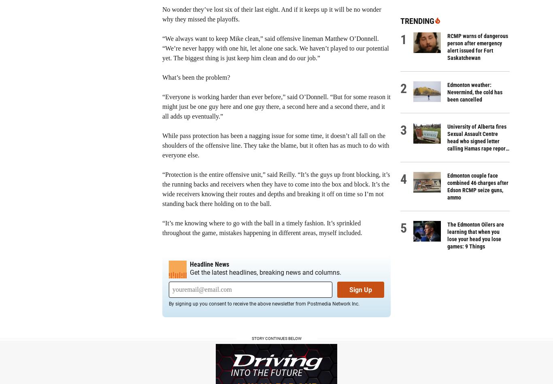  What do you see at coordinates (447, 141) in the screenshot?
I see `'University of Alberta fires Sexual Assault Centre head who signed letter calling Hamas rape reports 'unverified accusation''` at bounding box center [447, 141].